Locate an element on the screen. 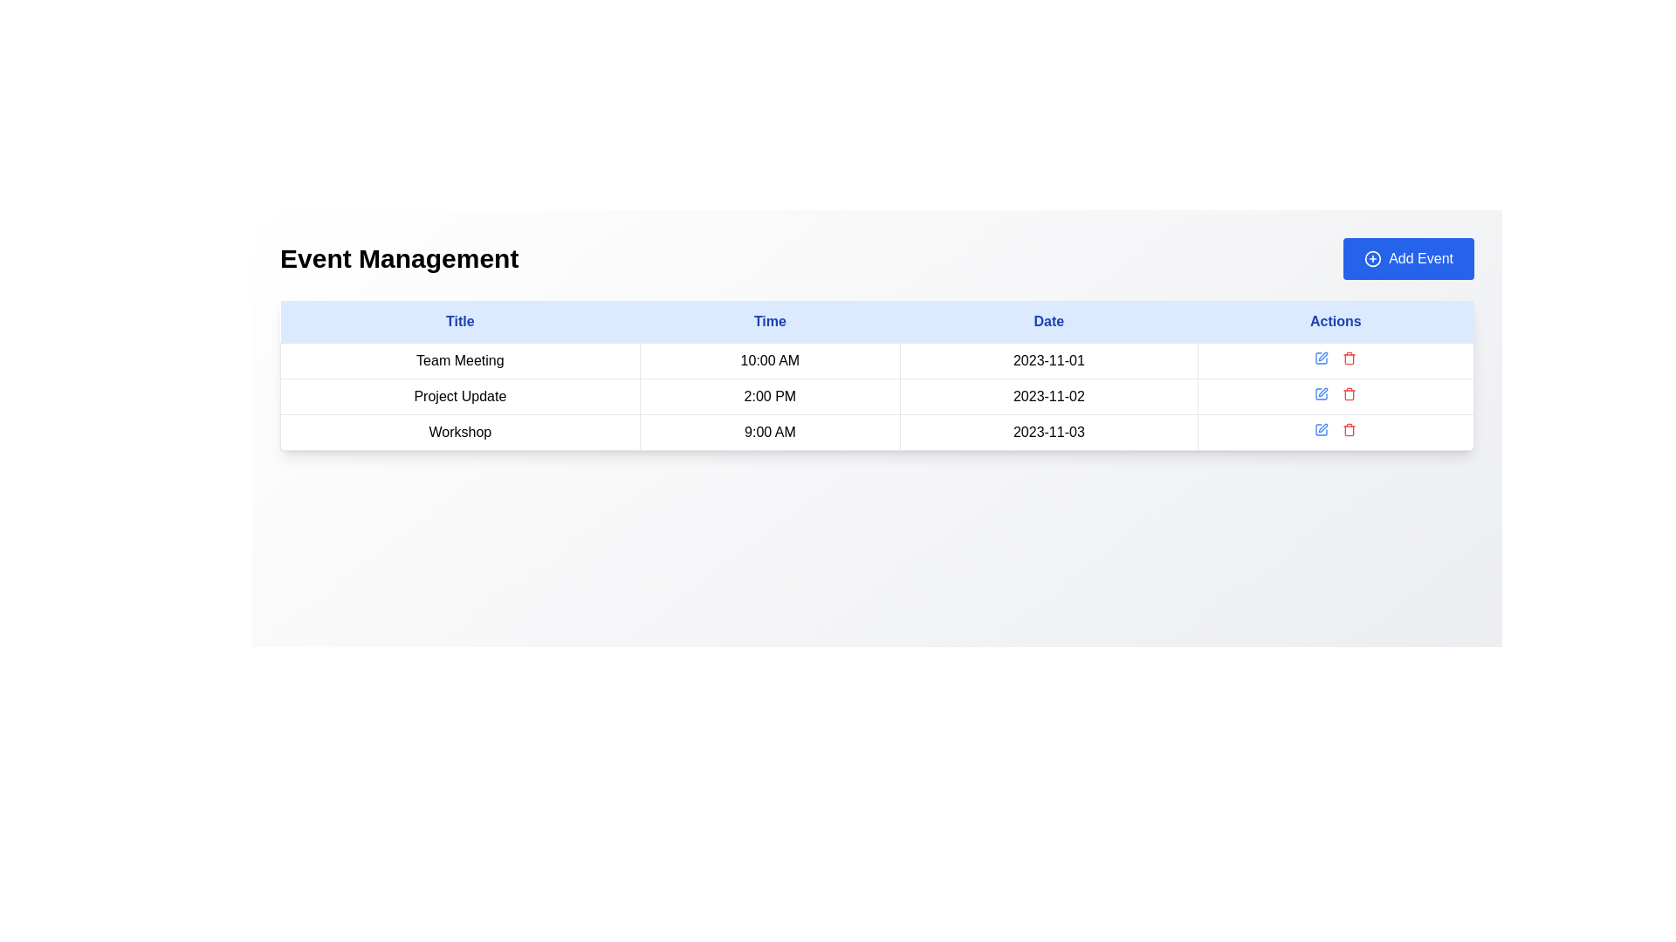  the 'Actions' label, which is styled in a bold blue font on a light blue background and located in the rightmost cell of the header row in a table is located at coordinates (1335, 322).